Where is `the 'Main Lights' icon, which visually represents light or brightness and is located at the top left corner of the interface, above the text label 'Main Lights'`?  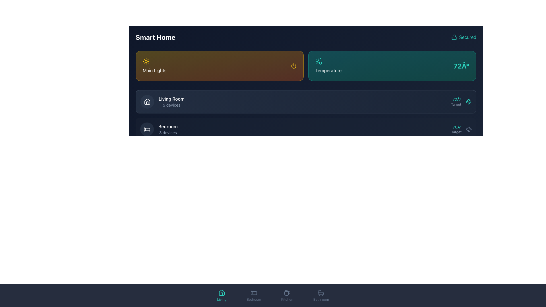 the 'Main Lights' icon, which visually represents light or brightness and is located at the top left corner of the interface, above the text label 'Main Lights' is located at coordinates (146, 61).